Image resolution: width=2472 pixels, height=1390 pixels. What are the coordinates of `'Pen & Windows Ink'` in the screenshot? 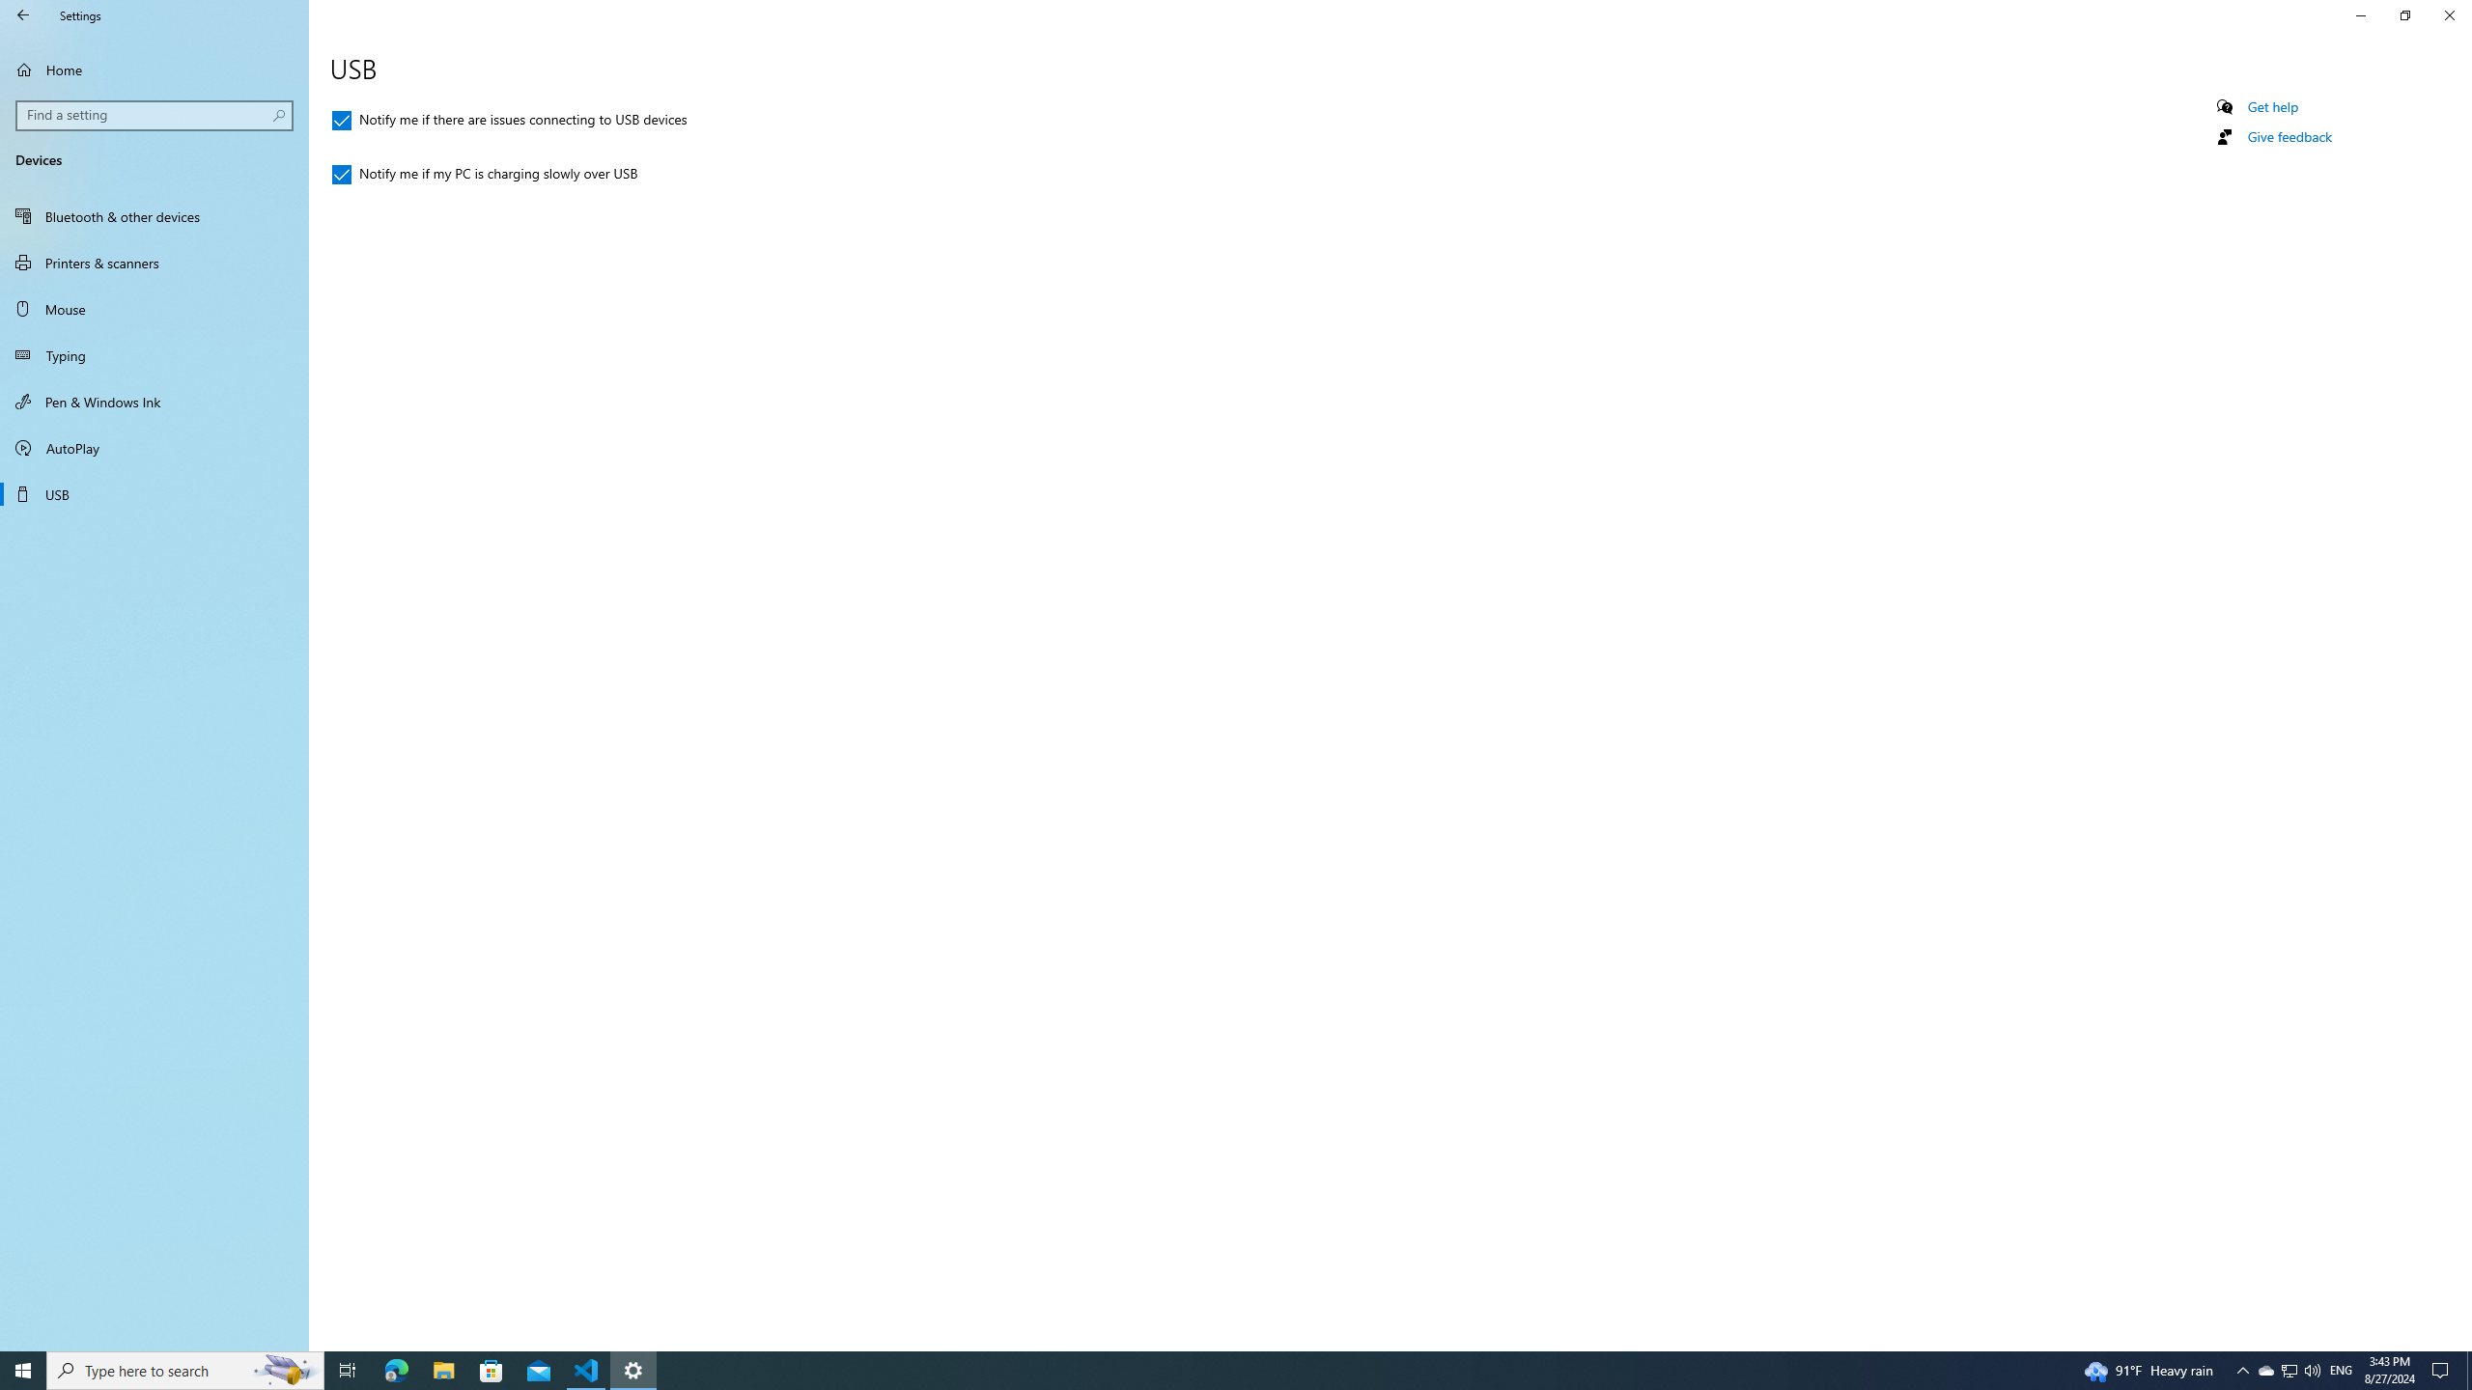 It's located at (154, 401).